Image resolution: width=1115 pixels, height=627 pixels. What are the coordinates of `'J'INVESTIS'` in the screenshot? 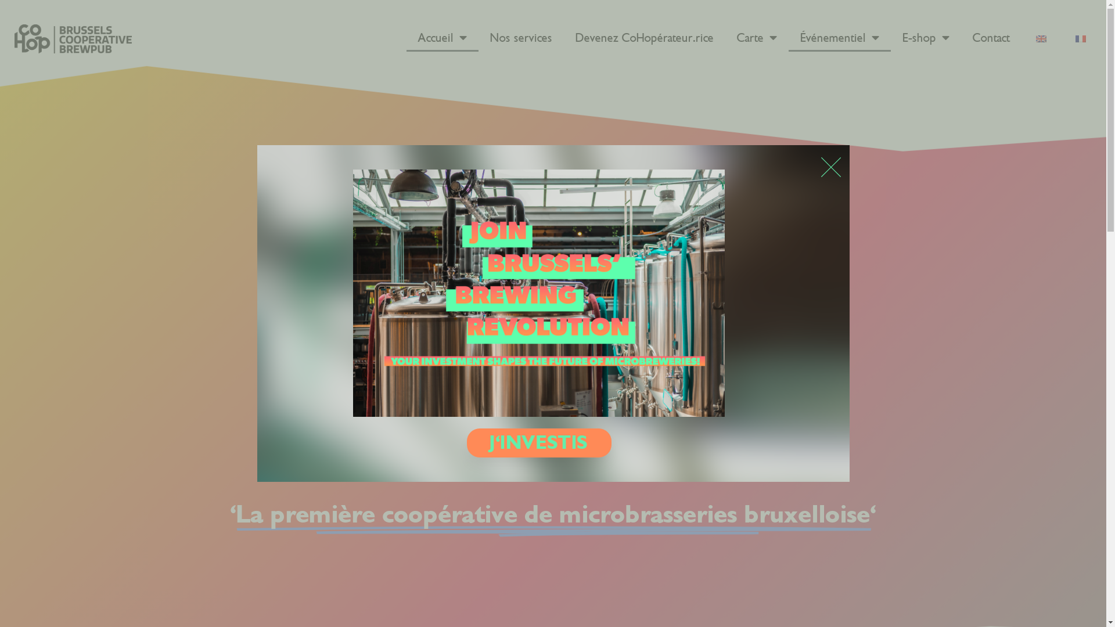 It's located at (538, 443).